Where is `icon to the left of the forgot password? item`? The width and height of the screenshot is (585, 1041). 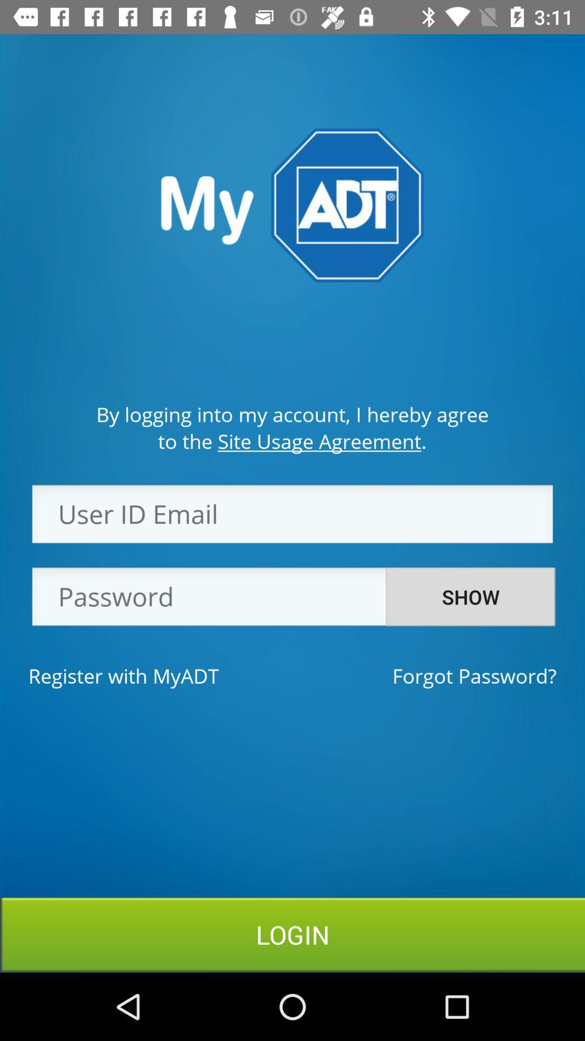 icon to the left of the forgot password? item is located at coordinates (123, 675).